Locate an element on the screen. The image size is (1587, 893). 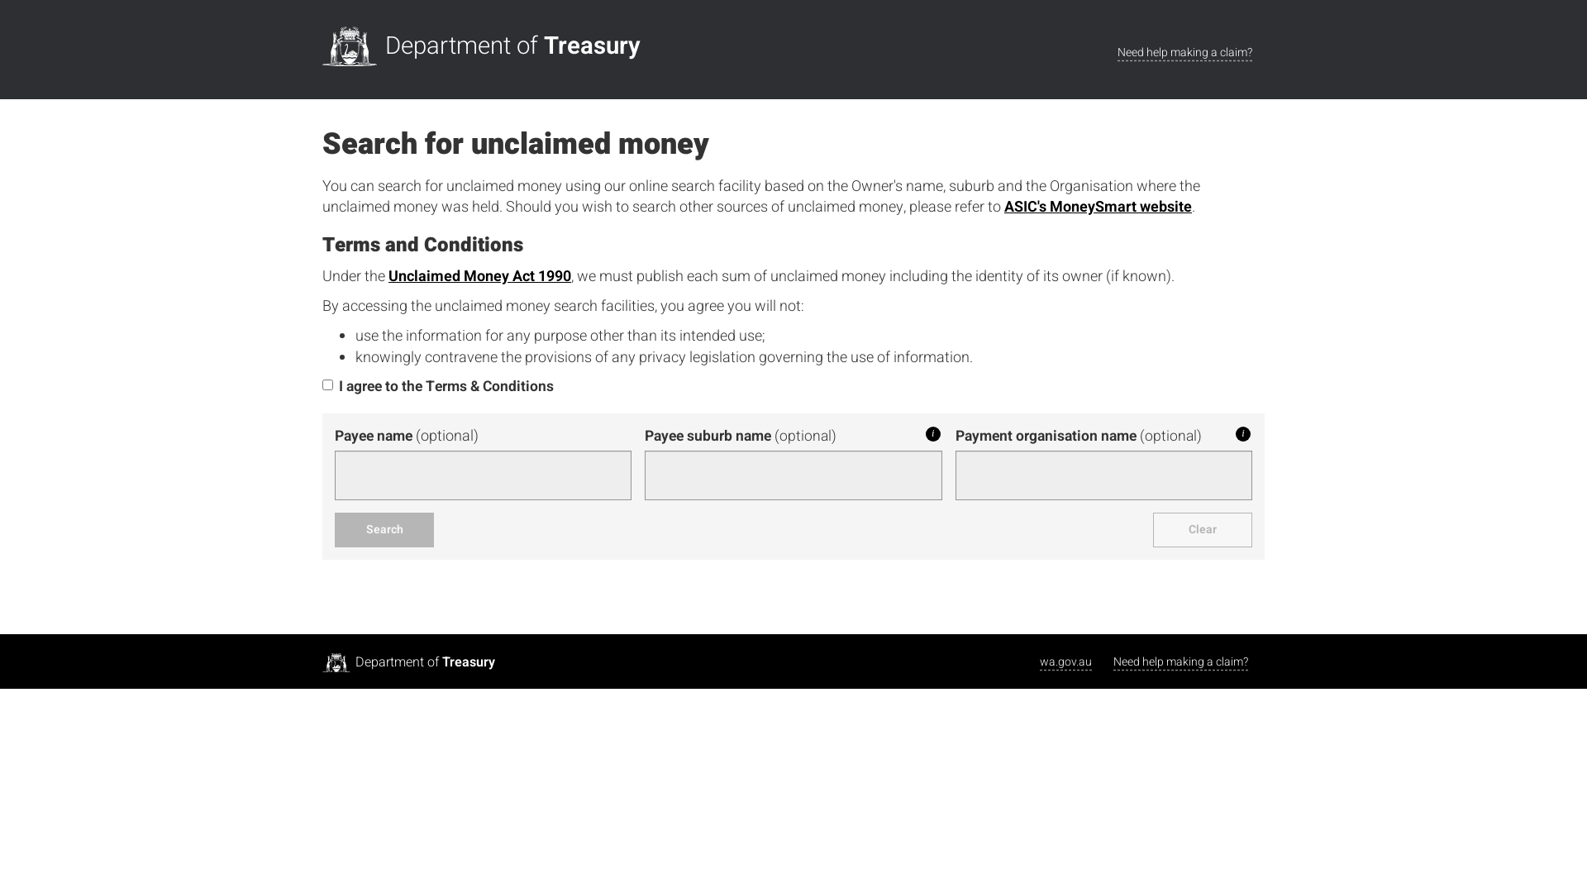
'ASIC's MoneySmart website' is located at coordinates (1098, 206).